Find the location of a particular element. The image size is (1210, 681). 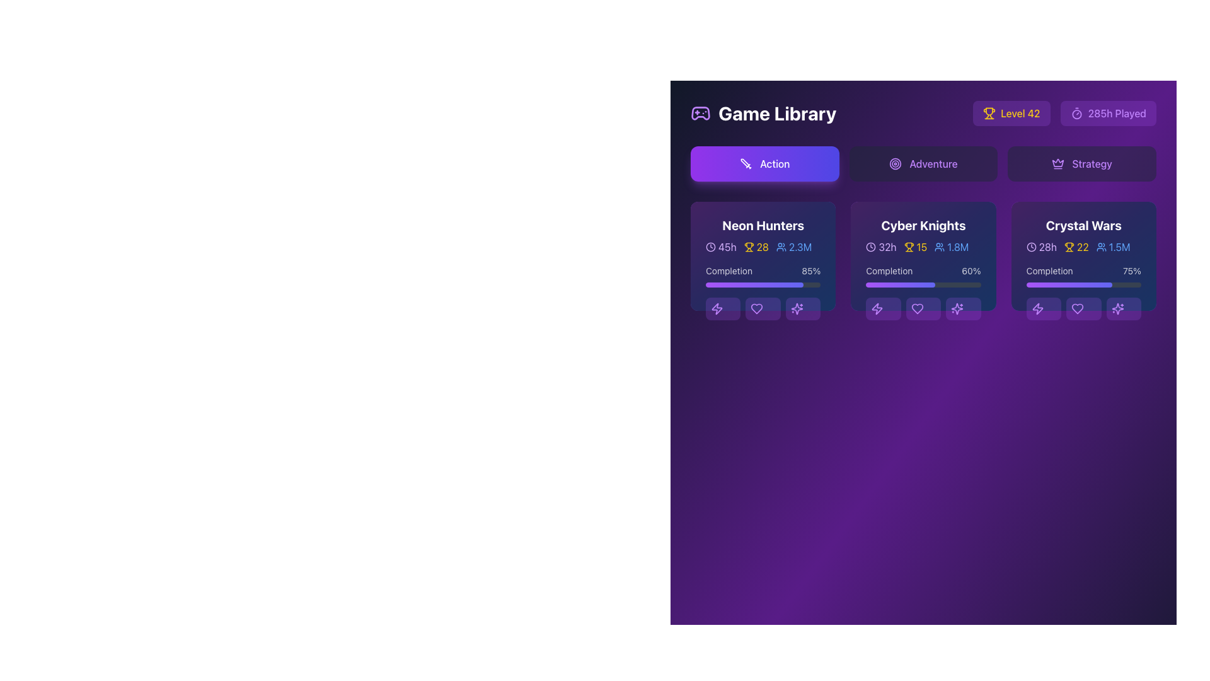

the user statistics label for 'Cyber Knights' by clicking on it to trigger related actions with adjacent components is located at coordinates (952, 247).